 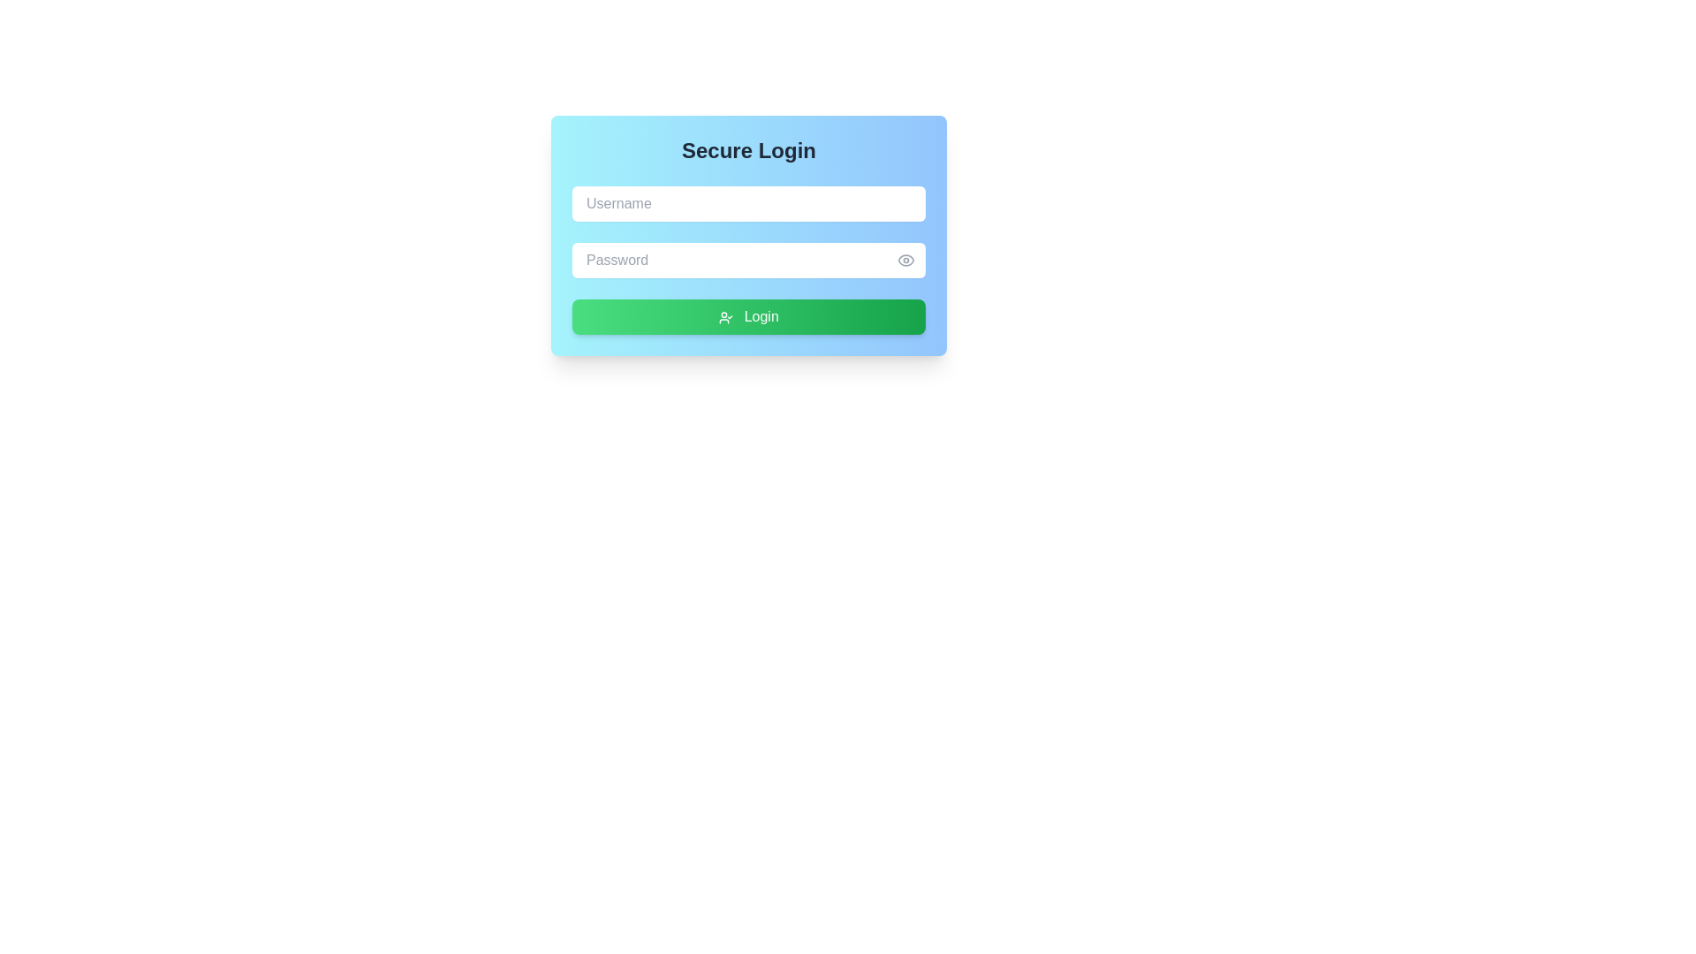 I want to click on the user-related action icon located to the left side of the 'Login' button, which indicates successful verification or approval, so click(x=726, y=316).